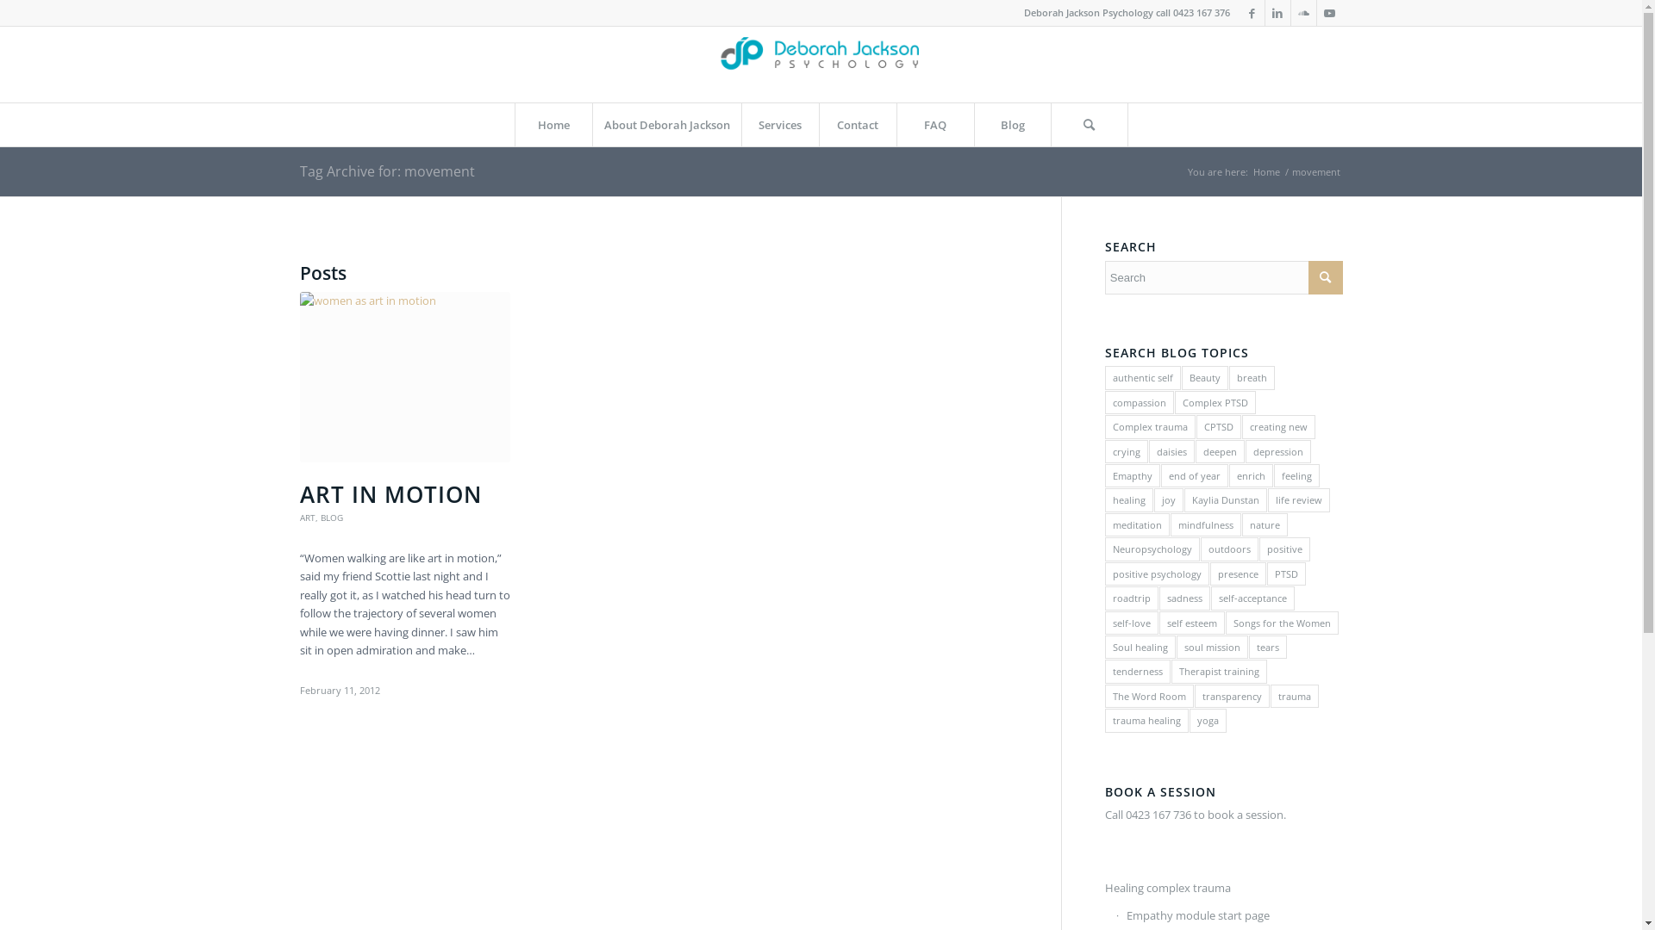 Image resolution: width=1655 pixels, height=930 pixels. Describe the element at coordinates (1223, 889) in the screenshot. I see `'Healing complex trauma'` at that location.